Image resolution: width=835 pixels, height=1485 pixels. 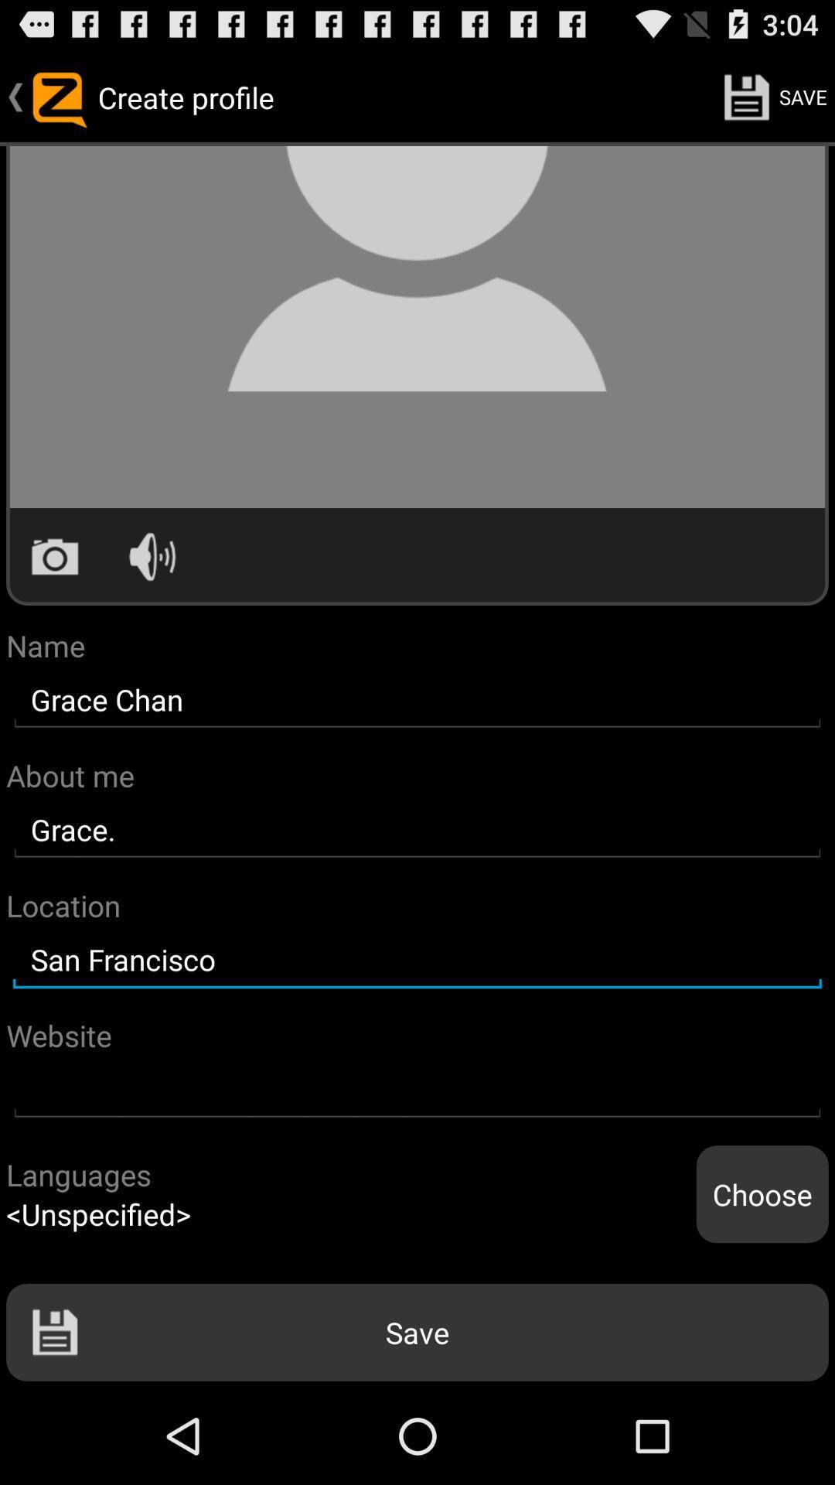 What do you see at coordinates (54, 595) in the screenshot?
I see `the photo icon` at bounding box center [54, 595].